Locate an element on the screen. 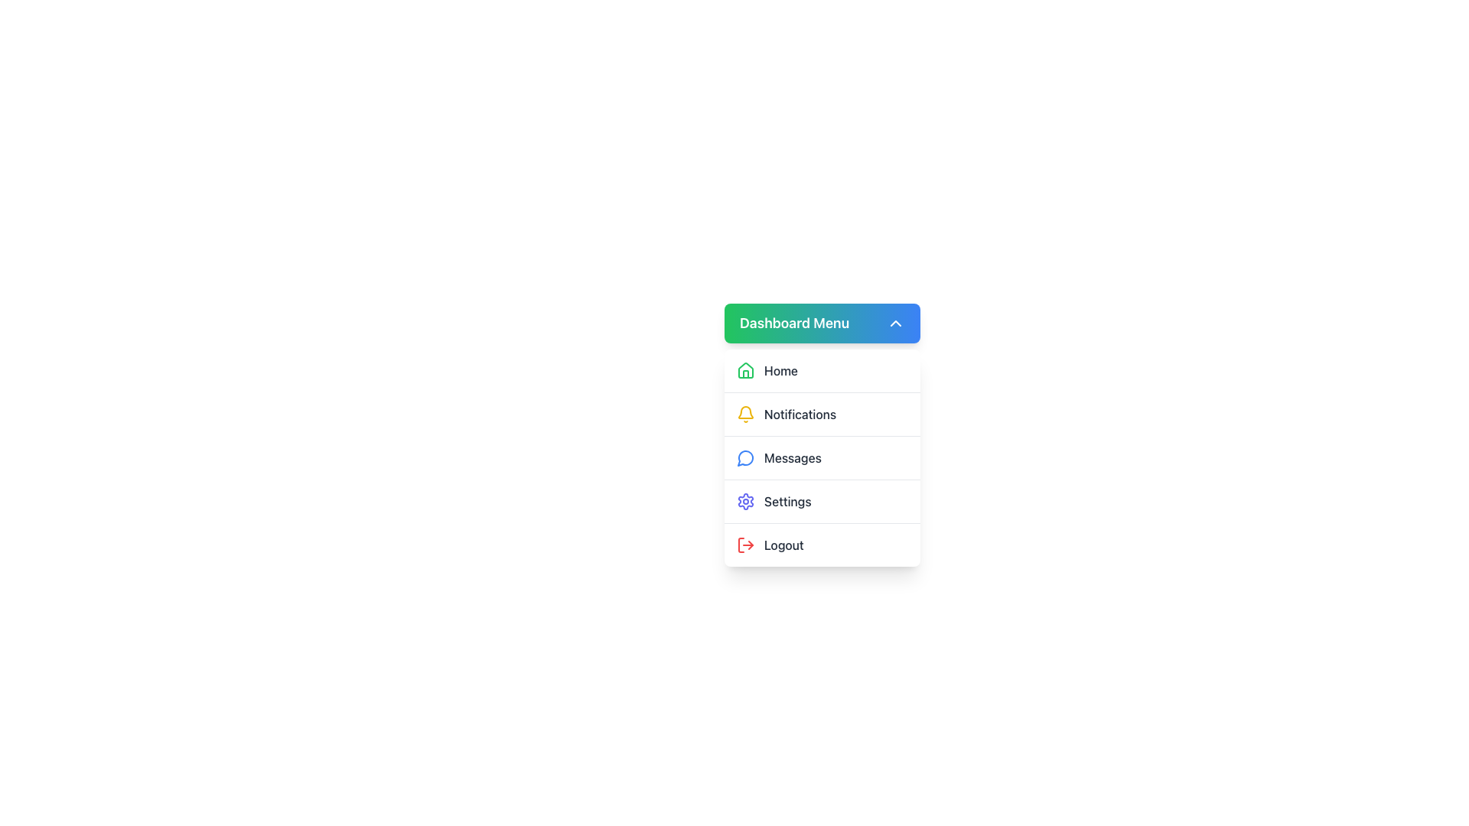 The width and height of the screenshot is (1469, 826). the 'Settings' list item in the vertical menu is located at coordinates (822, 501).